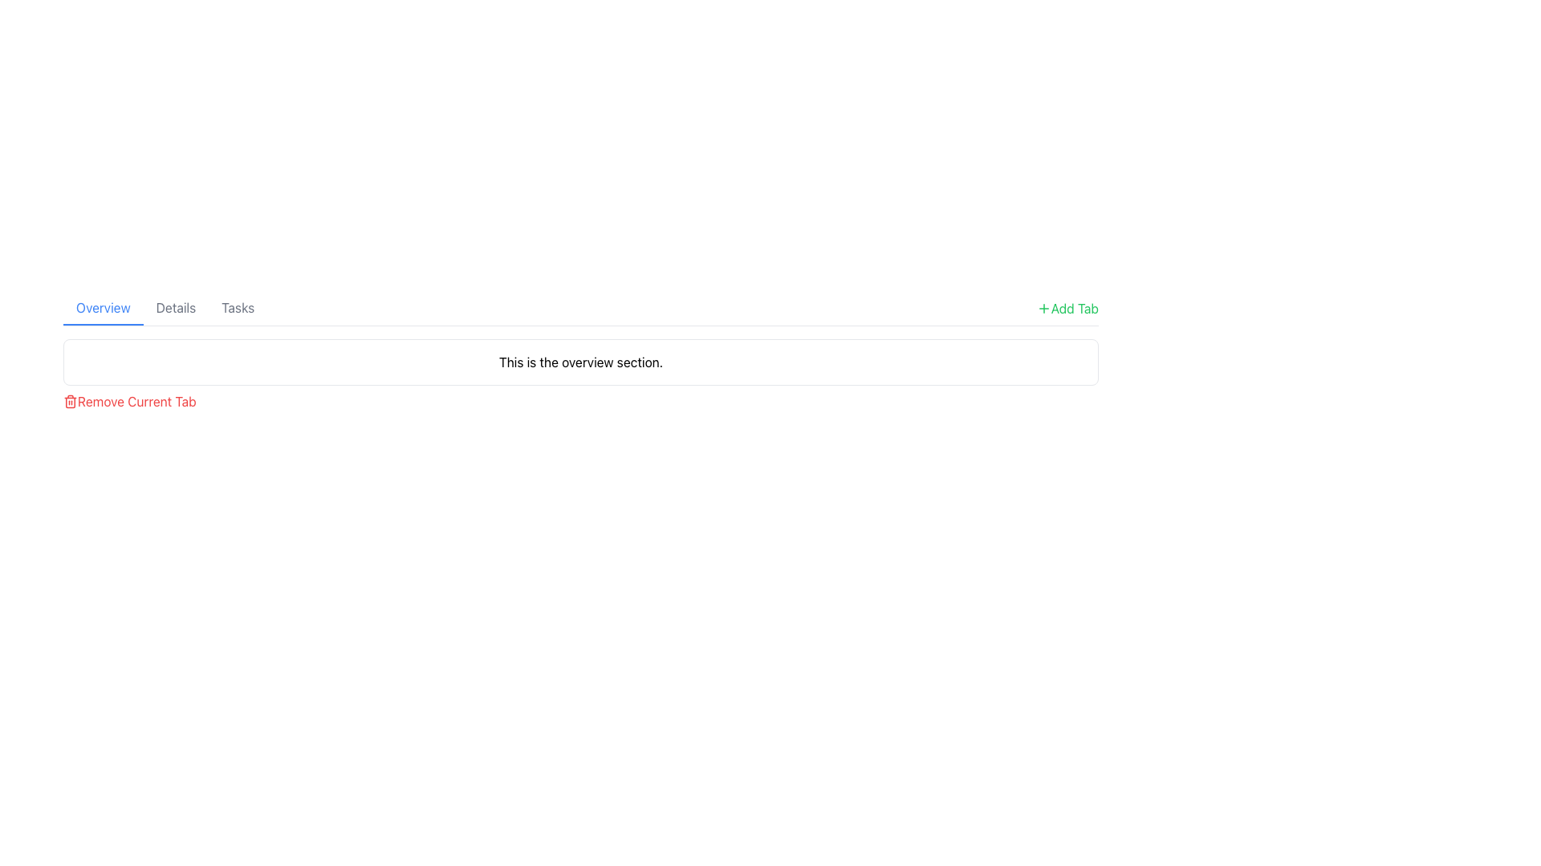  What do you see at coordinates (1067, 309) in the screenshot?
I see `the green button labeled '+ Add Tab' located at the far right of the horizontal navigation bar` at bounding box center [1067, 309].